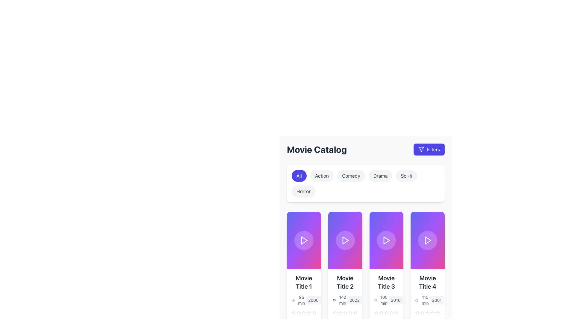 The height and width of the screenshot is (323, 575). Describe the element at coordinates (365, 183) in the screenshot. I see `the horizontal list of selectable movie categories, which includes the active category 'All' highlighted in purple` at that location.